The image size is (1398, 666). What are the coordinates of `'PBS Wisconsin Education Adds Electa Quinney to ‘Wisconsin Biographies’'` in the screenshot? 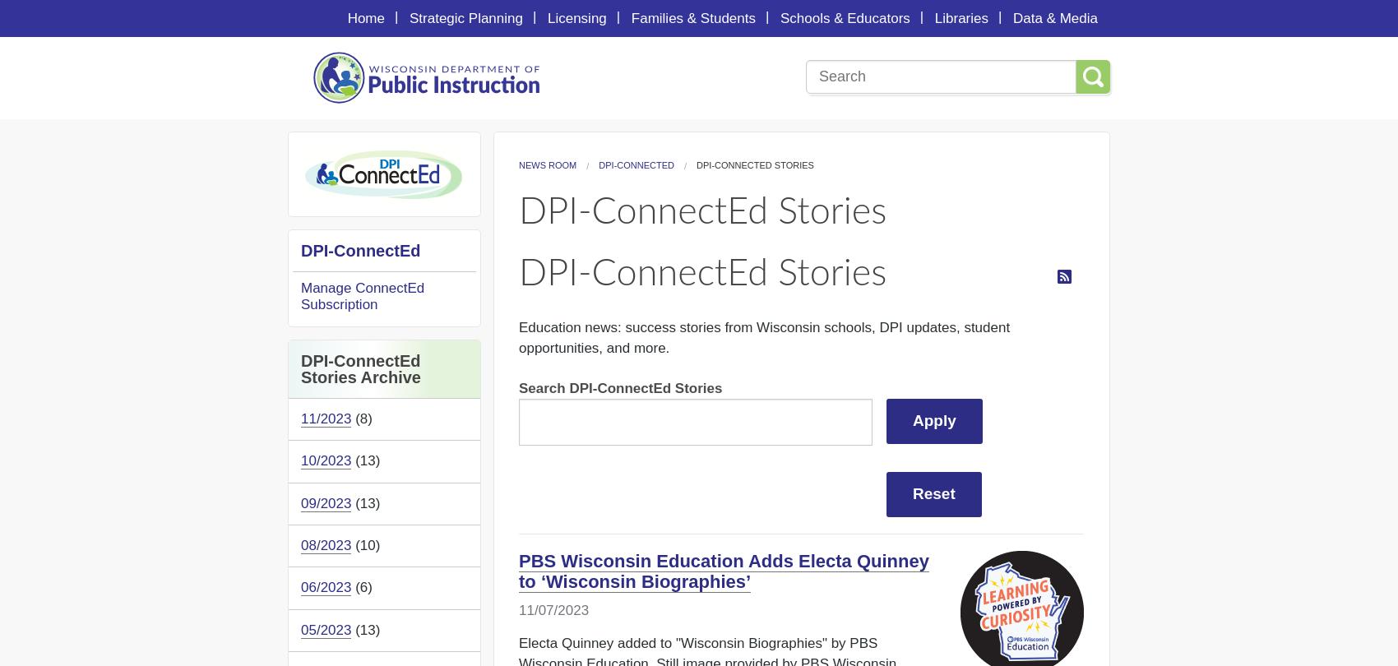 It's located at (723, 570).